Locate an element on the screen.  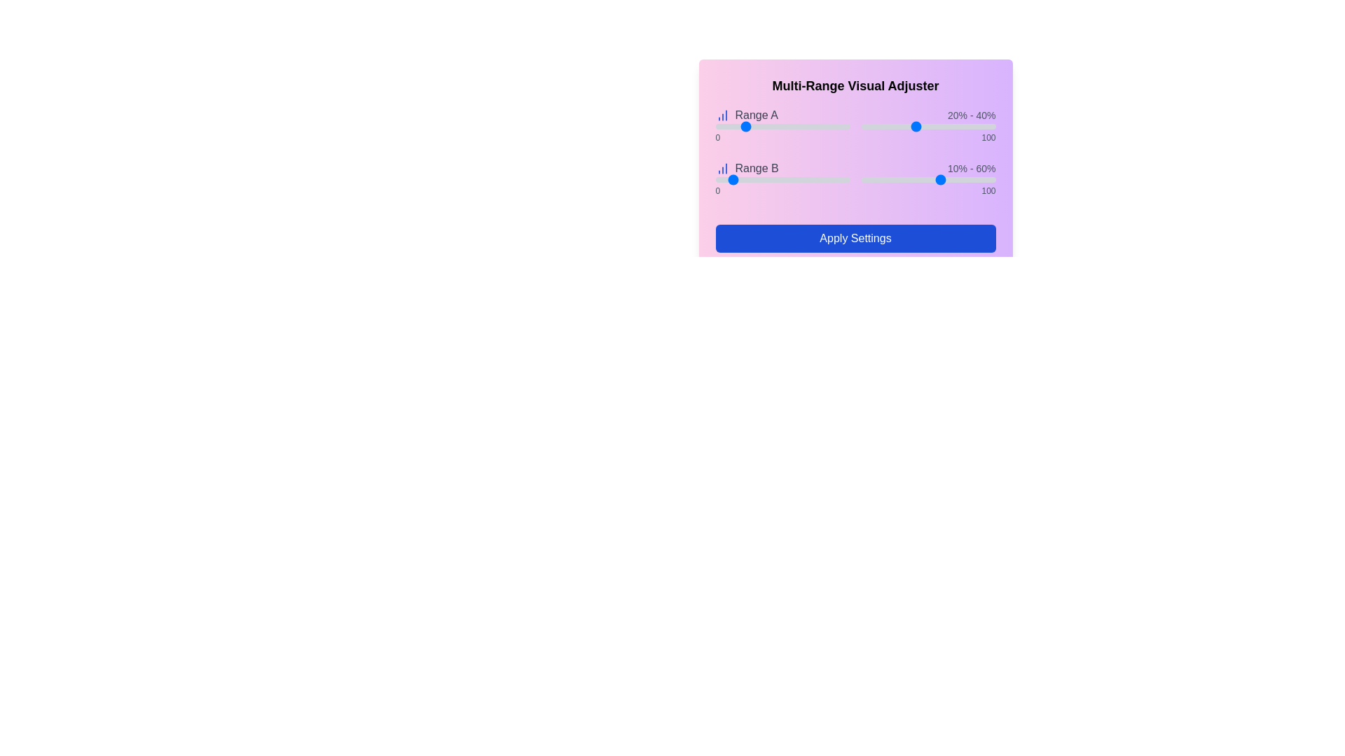
the Range B slider is located at coordinates (875, 179).